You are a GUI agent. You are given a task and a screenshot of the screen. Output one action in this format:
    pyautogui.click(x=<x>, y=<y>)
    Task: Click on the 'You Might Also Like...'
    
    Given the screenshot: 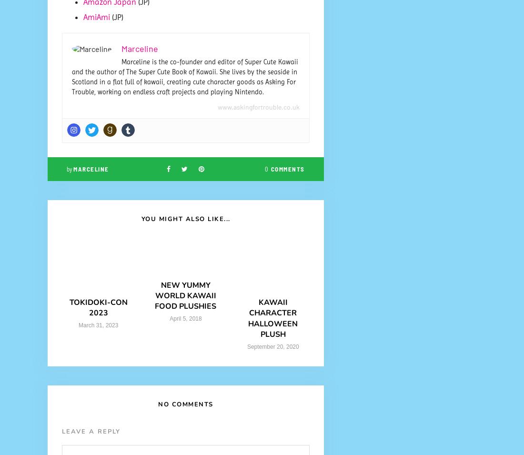 What is the action you would take?
    pyautogui.click(x=185, y=219)
    